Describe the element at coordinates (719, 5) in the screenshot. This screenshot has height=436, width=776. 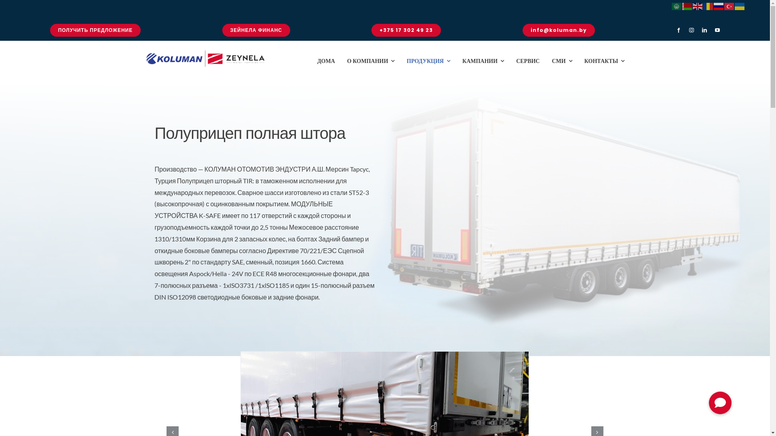
I see `'Russian'` at that location.